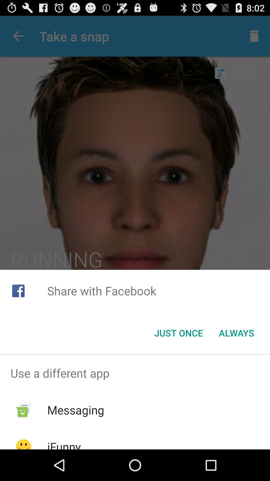 Image resolution: width=270 pixels, height=481 pixels. What do you see at coordinates (64, 444) in the screenshot?
I see `ifunny` at bounding box center [64, 444].